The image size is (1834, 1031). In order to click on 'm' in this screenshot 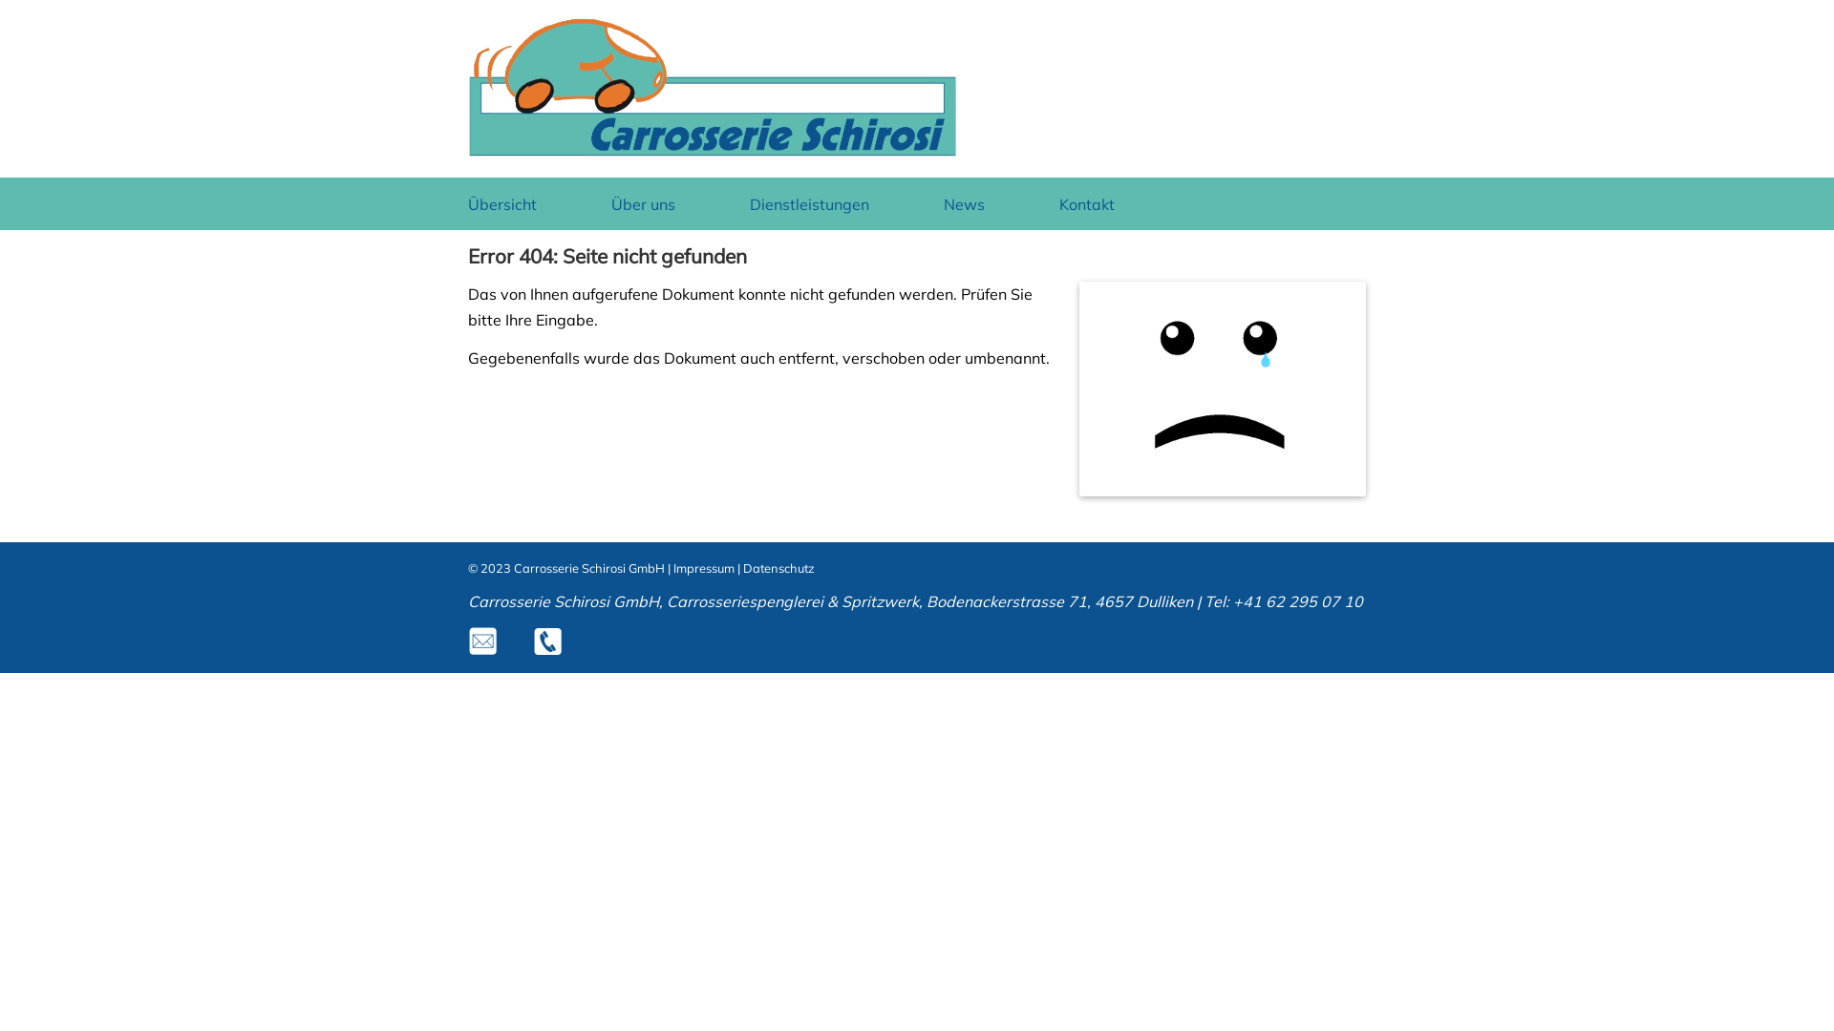, I will do `click(482, 642)`.